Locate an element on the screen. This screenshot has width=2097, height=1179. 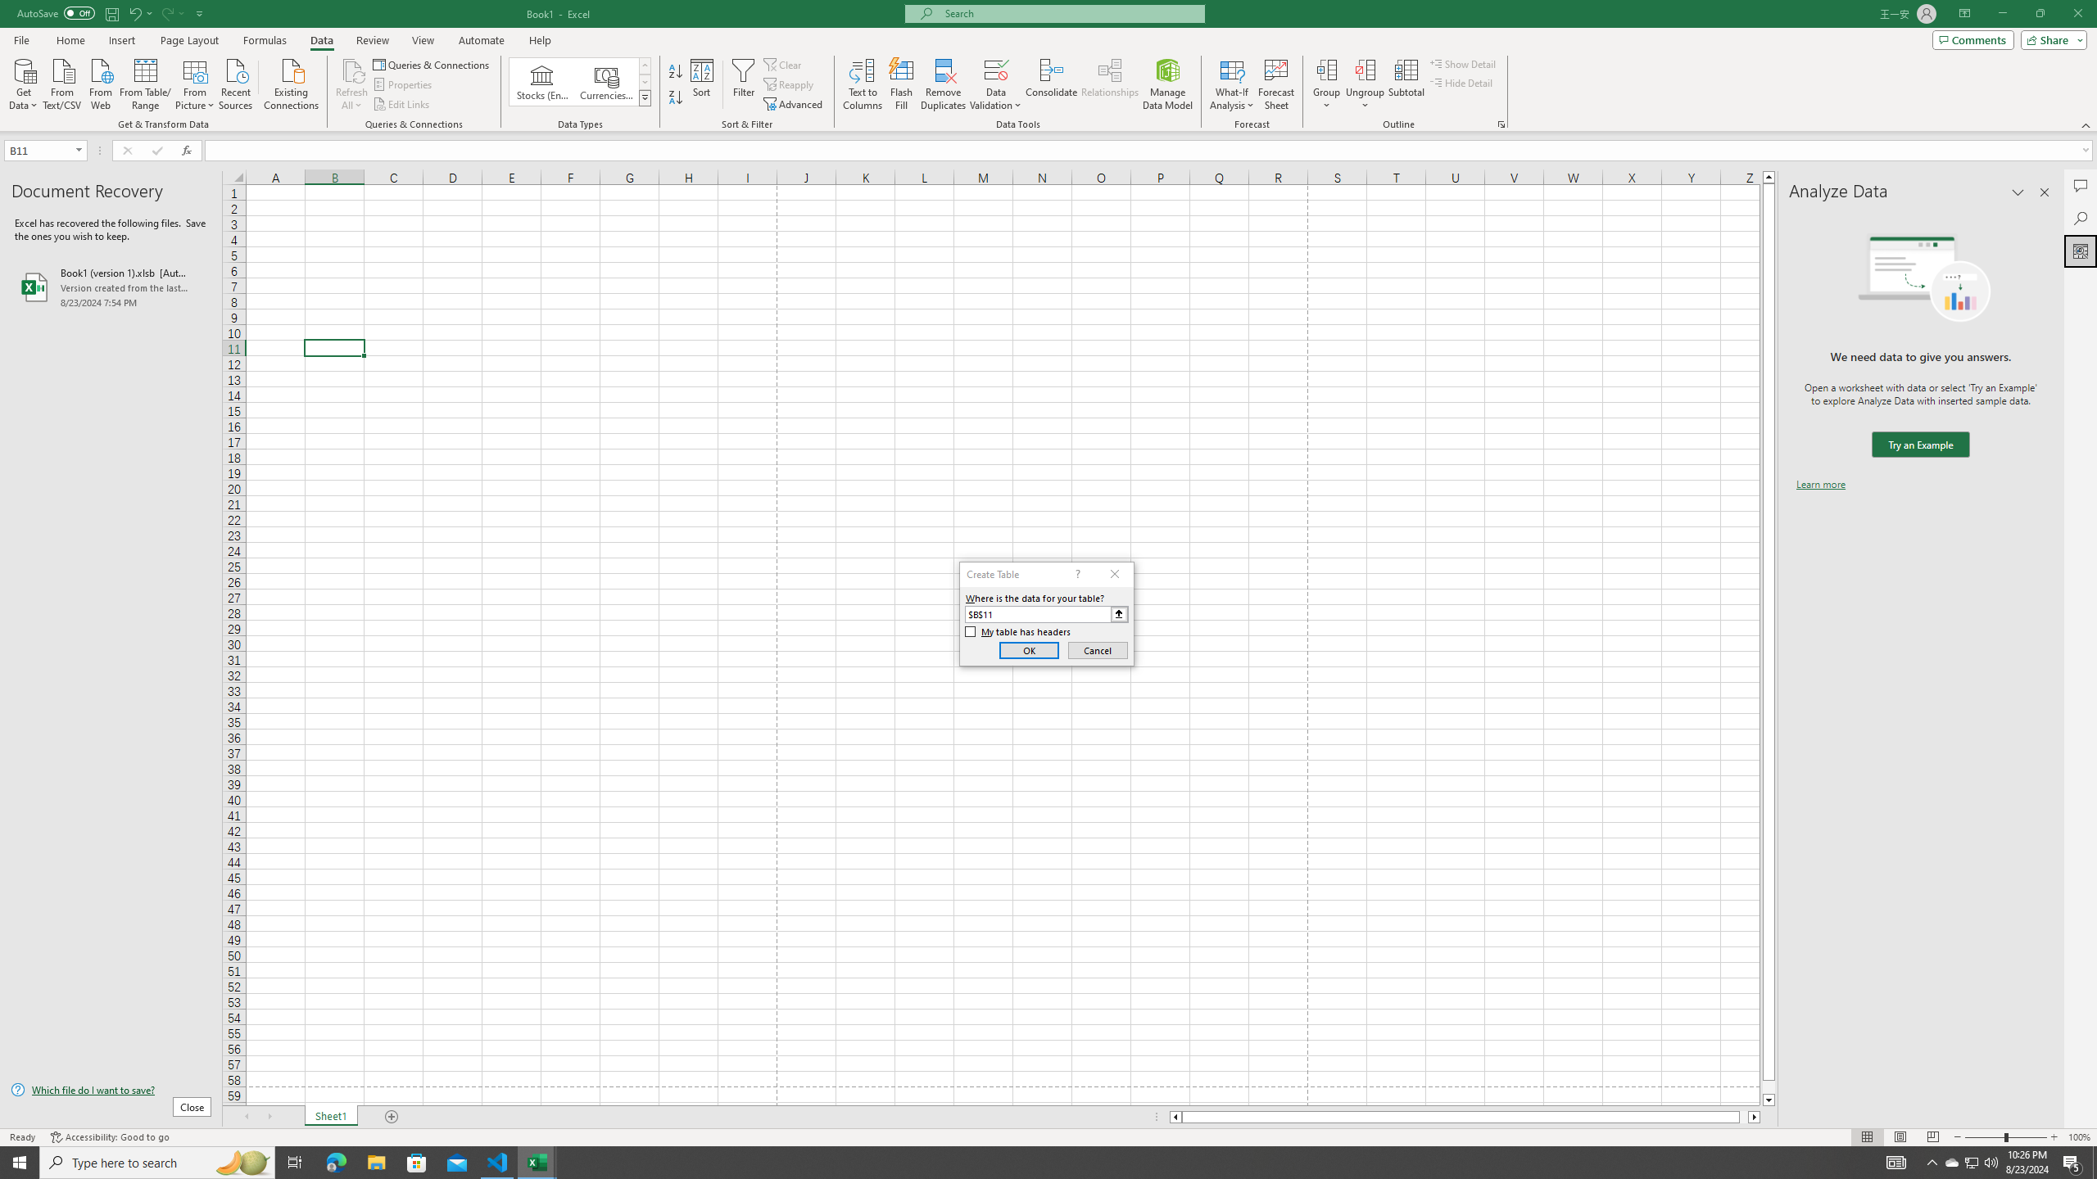
'Learn more' is located at coordinates (1820, 483).